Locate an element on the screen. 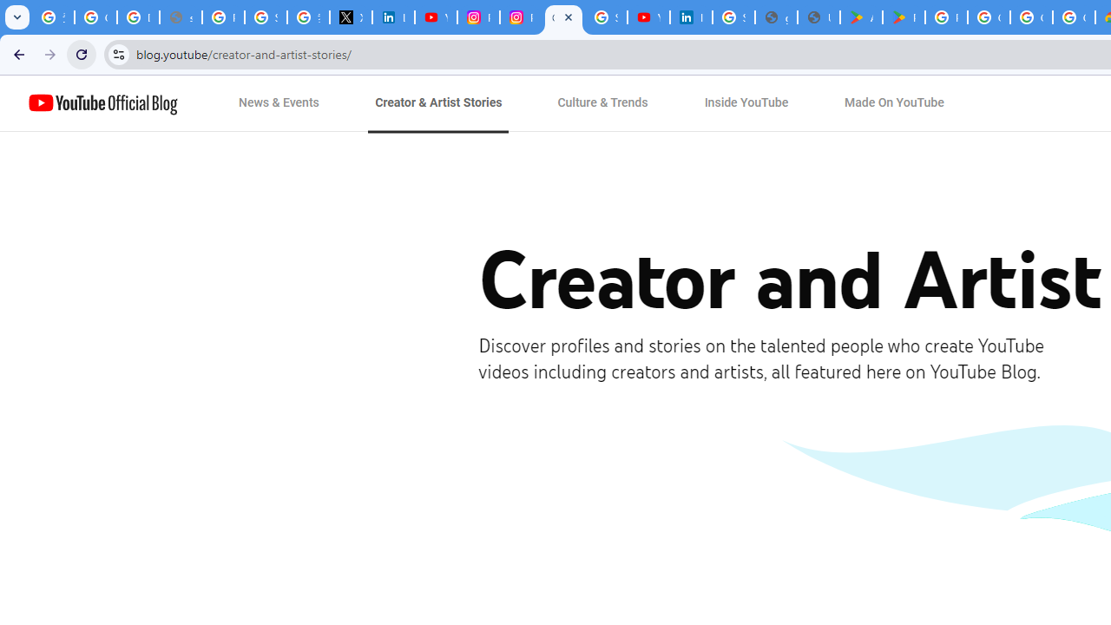 Image resolution: width=1111 pixels, height=625 pixels. 'Creator & Artist Stories' is located at coordinates (438, 103).